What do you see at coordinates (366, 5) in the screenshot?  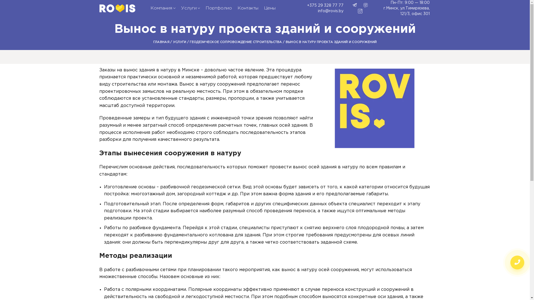 I see `'viber'` at bounding box center [366, 5].